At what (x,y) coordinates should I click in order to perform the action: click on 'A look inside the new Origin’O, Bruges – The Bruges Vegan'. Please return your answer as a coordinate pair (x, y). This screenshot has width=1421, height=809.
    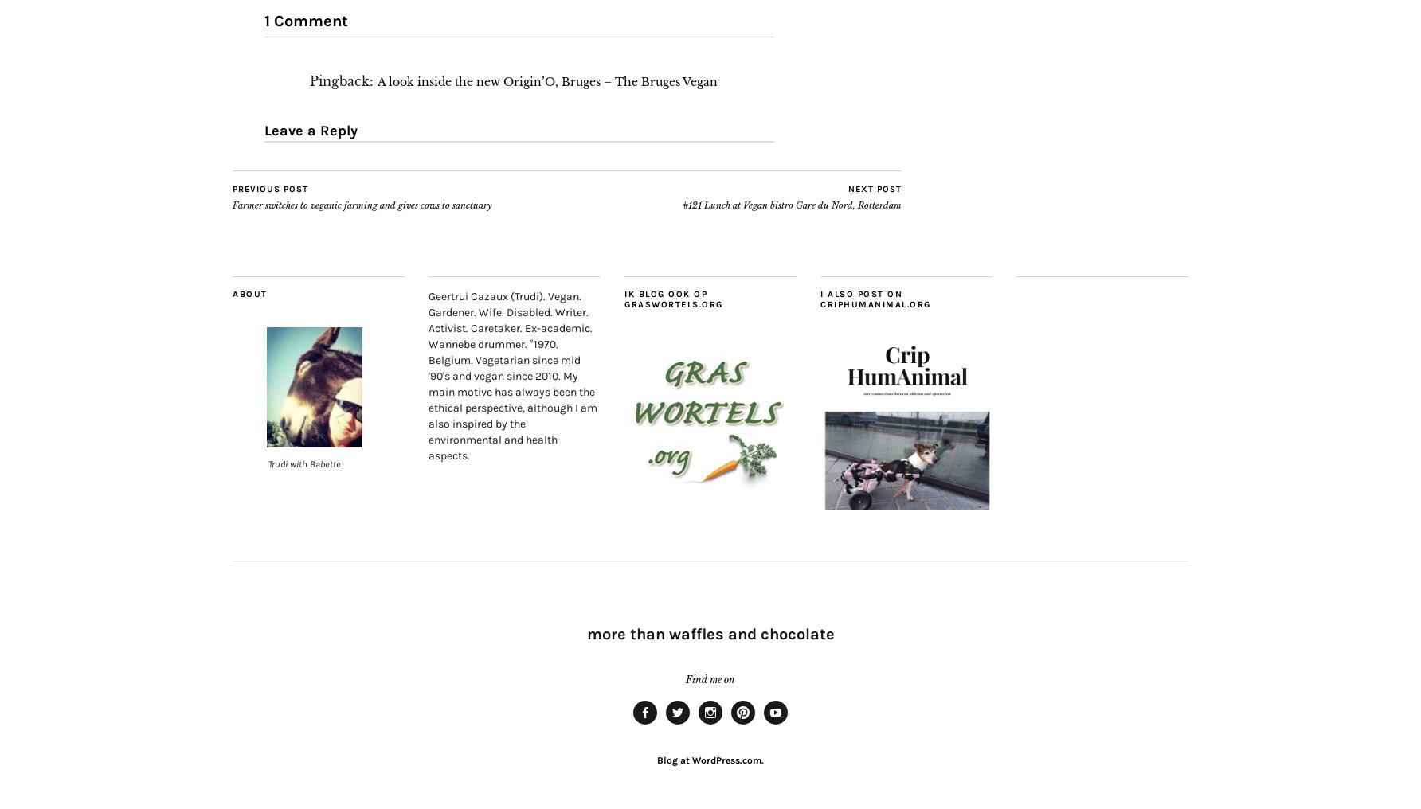
    Looking at the image, I should click on (547, 81).